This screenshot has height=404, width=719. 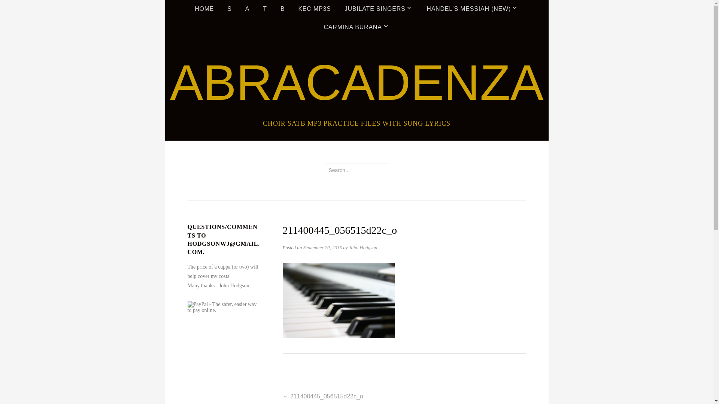 I want to click on 'JUBILATE SINGERS', so click(x=379, y=9).